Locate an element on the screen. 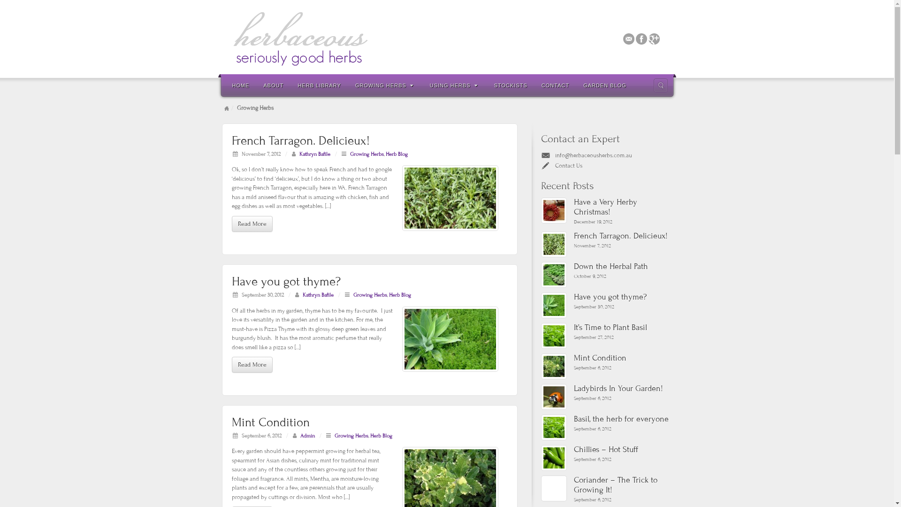 The image size is (901, 507). 'GROWING HERBS' is located at coordinates (385, 85).